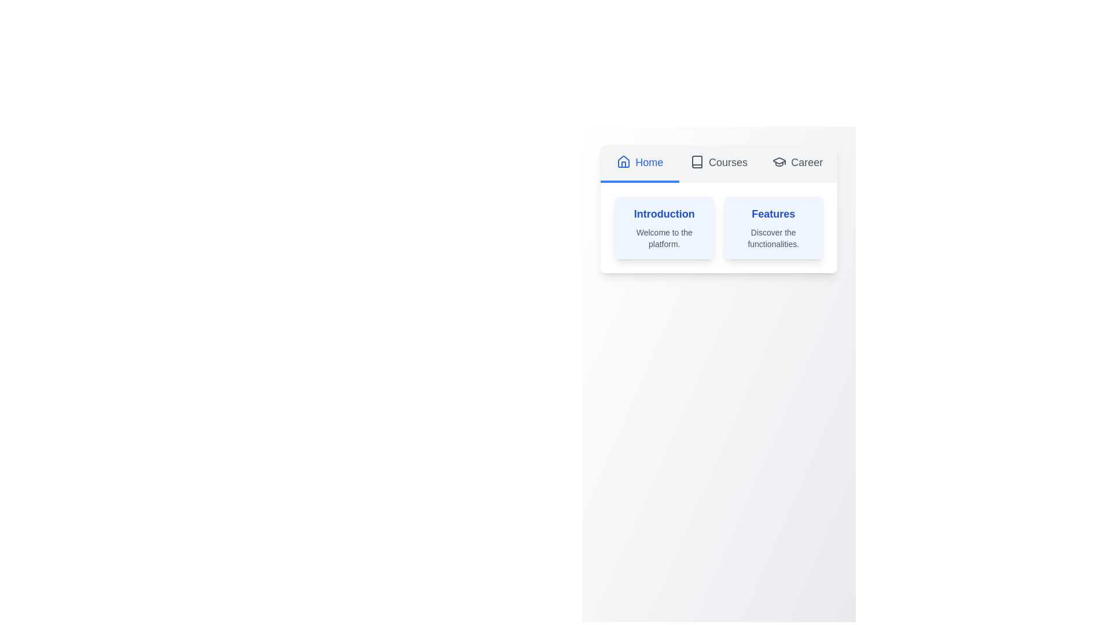 The image size is (1111, 625). I want to click on the Informational card that highlights the 'Features' of the platform, located in the top right area of the layout, to the right of the 'Introduction' card, so click(773, 228).